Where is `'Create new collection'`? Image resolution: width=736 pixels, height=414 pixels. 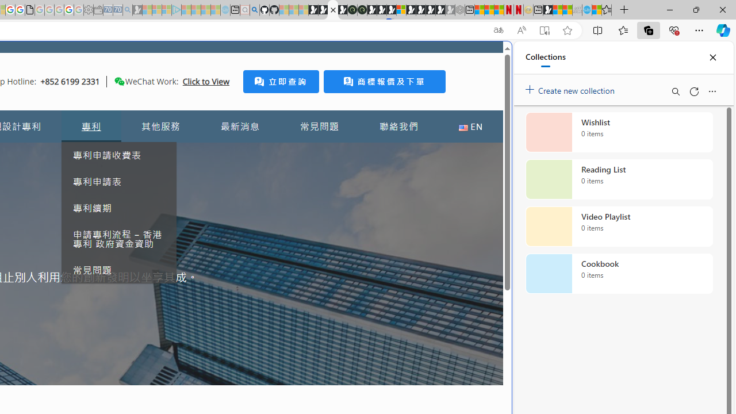
'Create new collection' is located at coordinates (572, 87).